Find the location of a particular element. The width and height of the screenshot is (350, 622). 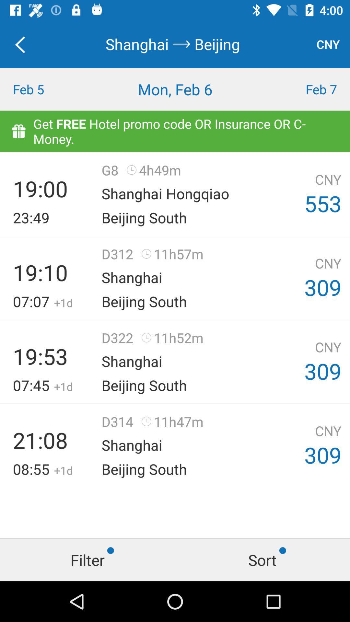

item above feb 5 icon is located at coordinates (23, 44).